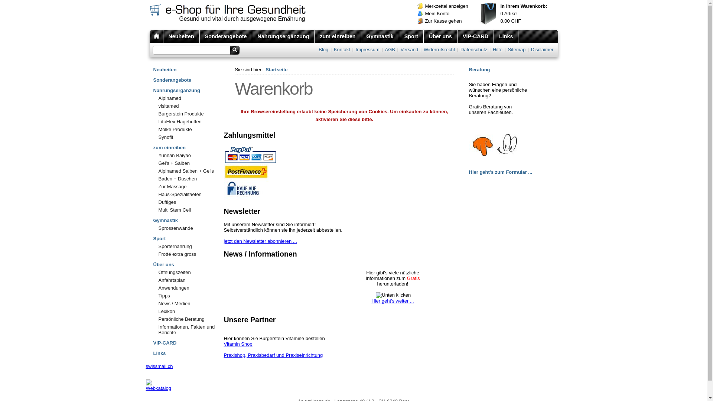 The image size is (713, 401). Describe the element at coordinates (226, 36) in the screenshot. I see `'Sonderangebote'` at that location.